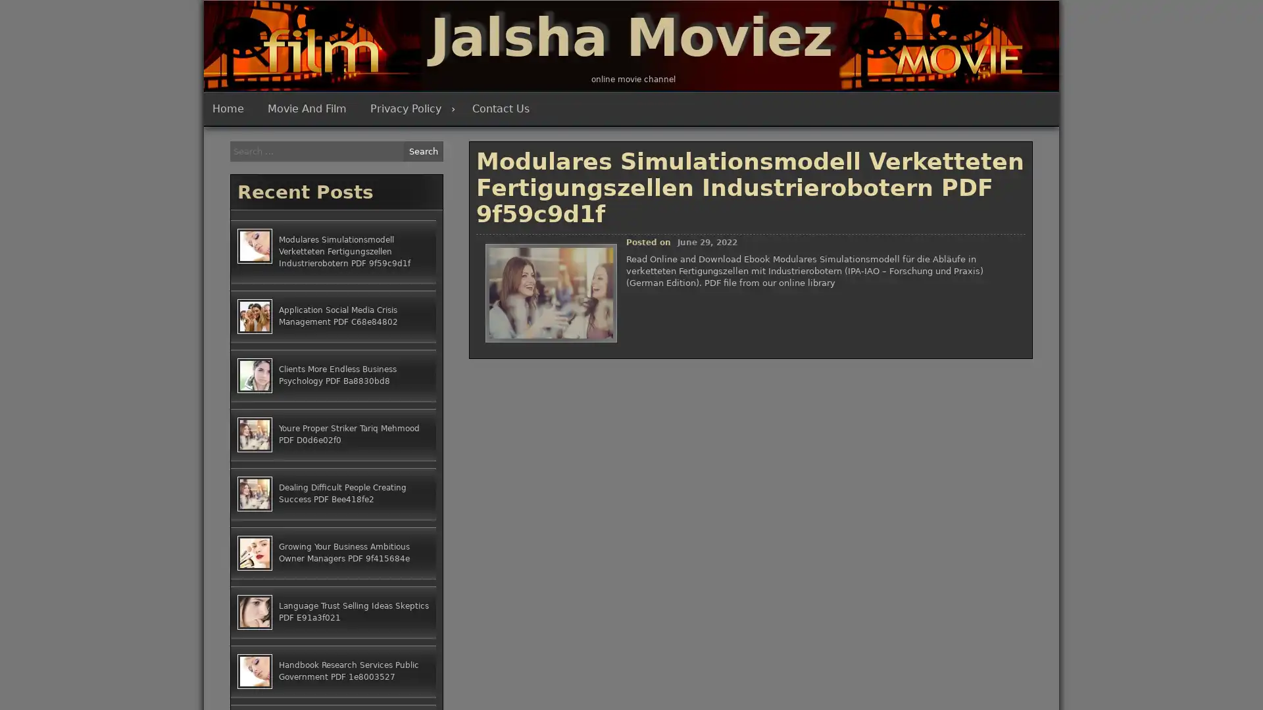 The height and width of the screenshot is (710, 1263). I want to click on Search, so click(423, 151).